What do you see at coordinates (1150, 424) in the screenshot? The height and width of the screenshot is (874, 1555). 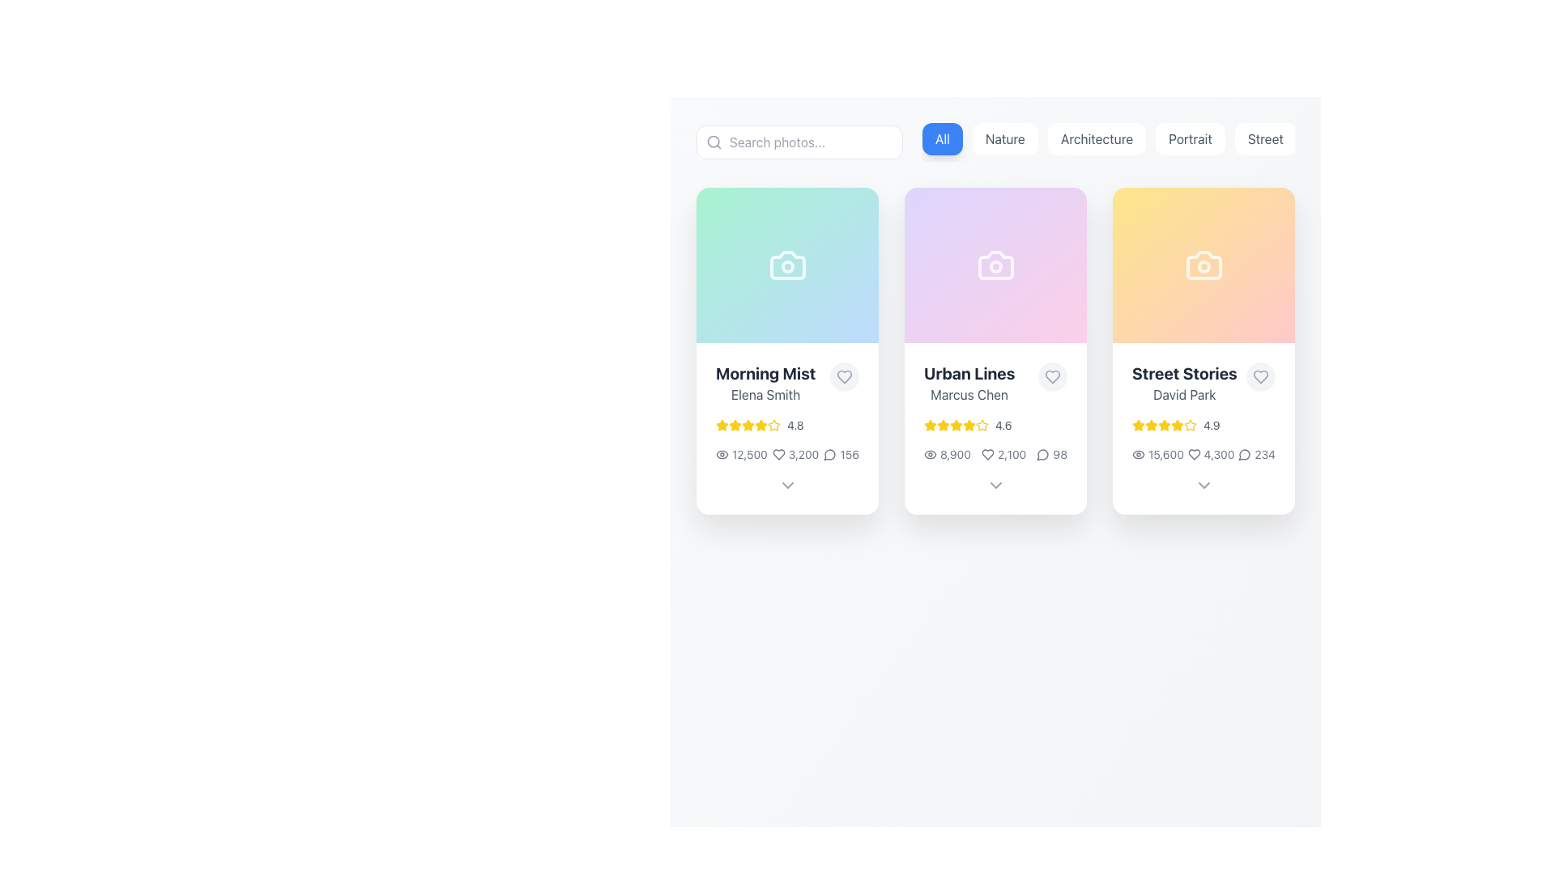 I see `the third star icon in the rating system of the 'Street Stories' card, which is colored golden yellow and located to the left of the rating number '4.9'` at bounding box center [1150, 424].